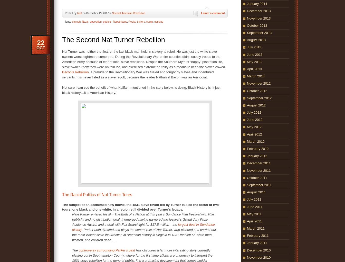  What do you see at coordinates (97, 13) in the screenshot?
I see `'on December 19, 2017 in'` at bounding box center [97, 13].